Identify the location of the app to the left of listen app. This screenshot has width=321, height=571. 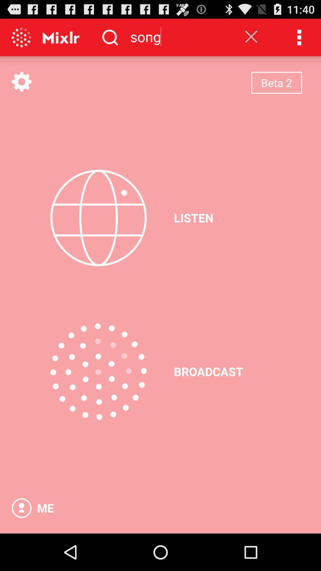
(98, 217).